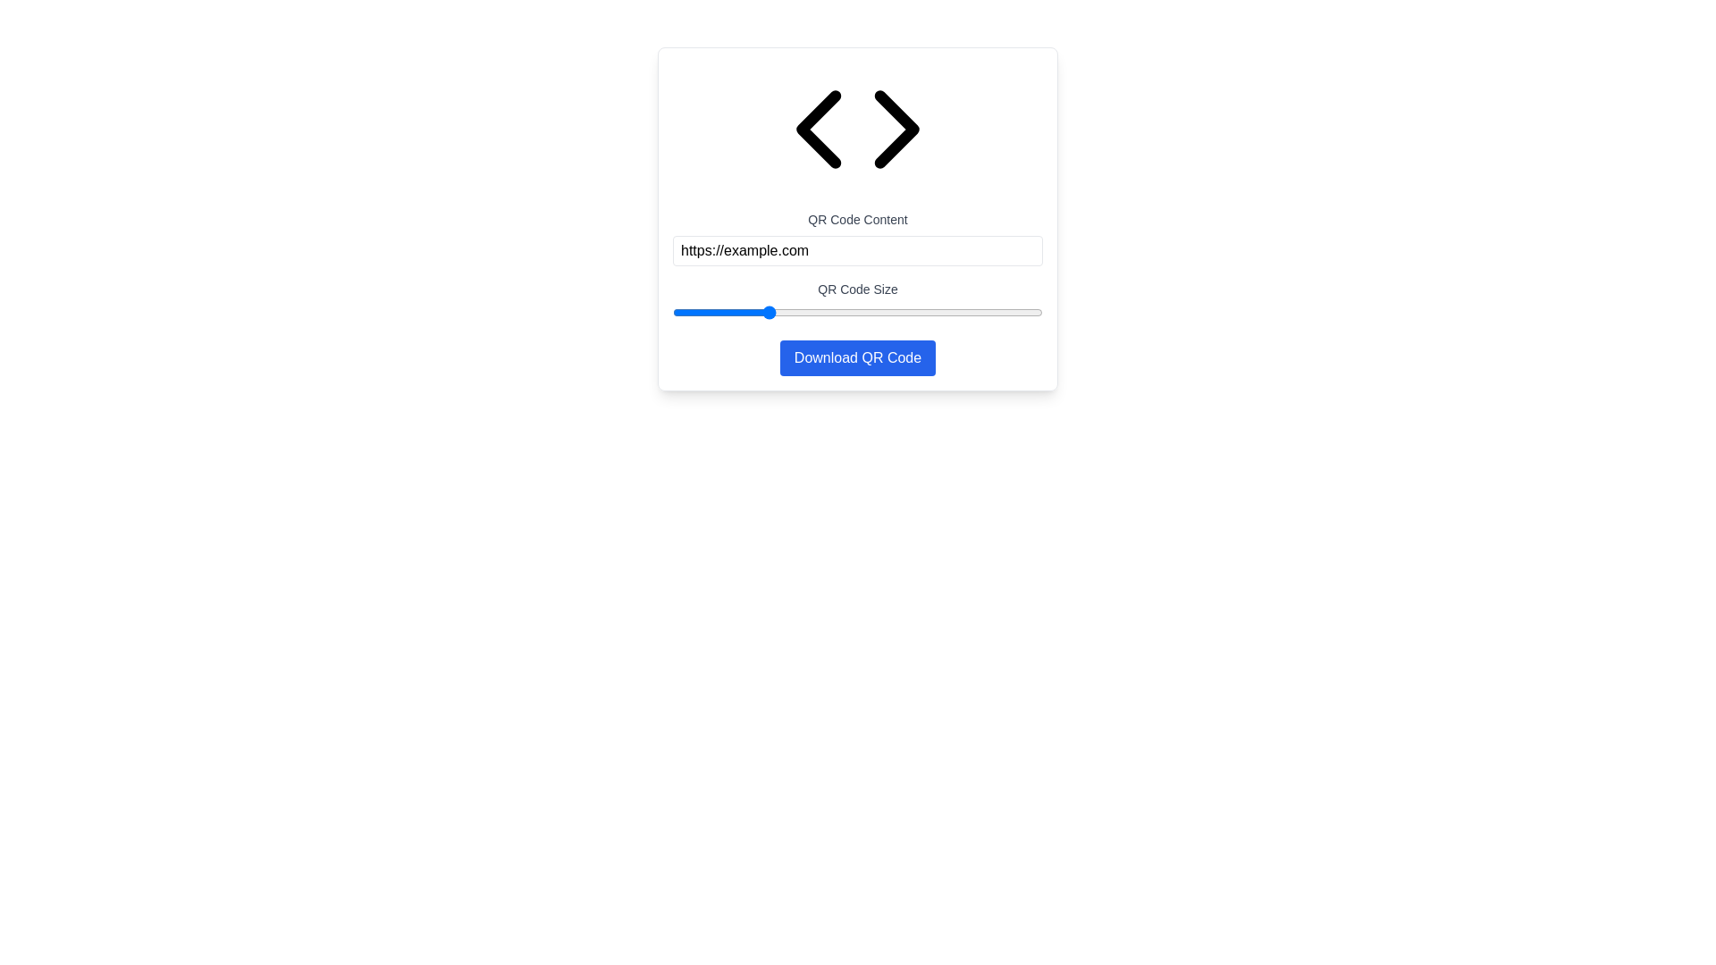  What do you see at coordinates (893, 312) in the screenshot?
I see `the QR code size` at bounding box center [893, 312].